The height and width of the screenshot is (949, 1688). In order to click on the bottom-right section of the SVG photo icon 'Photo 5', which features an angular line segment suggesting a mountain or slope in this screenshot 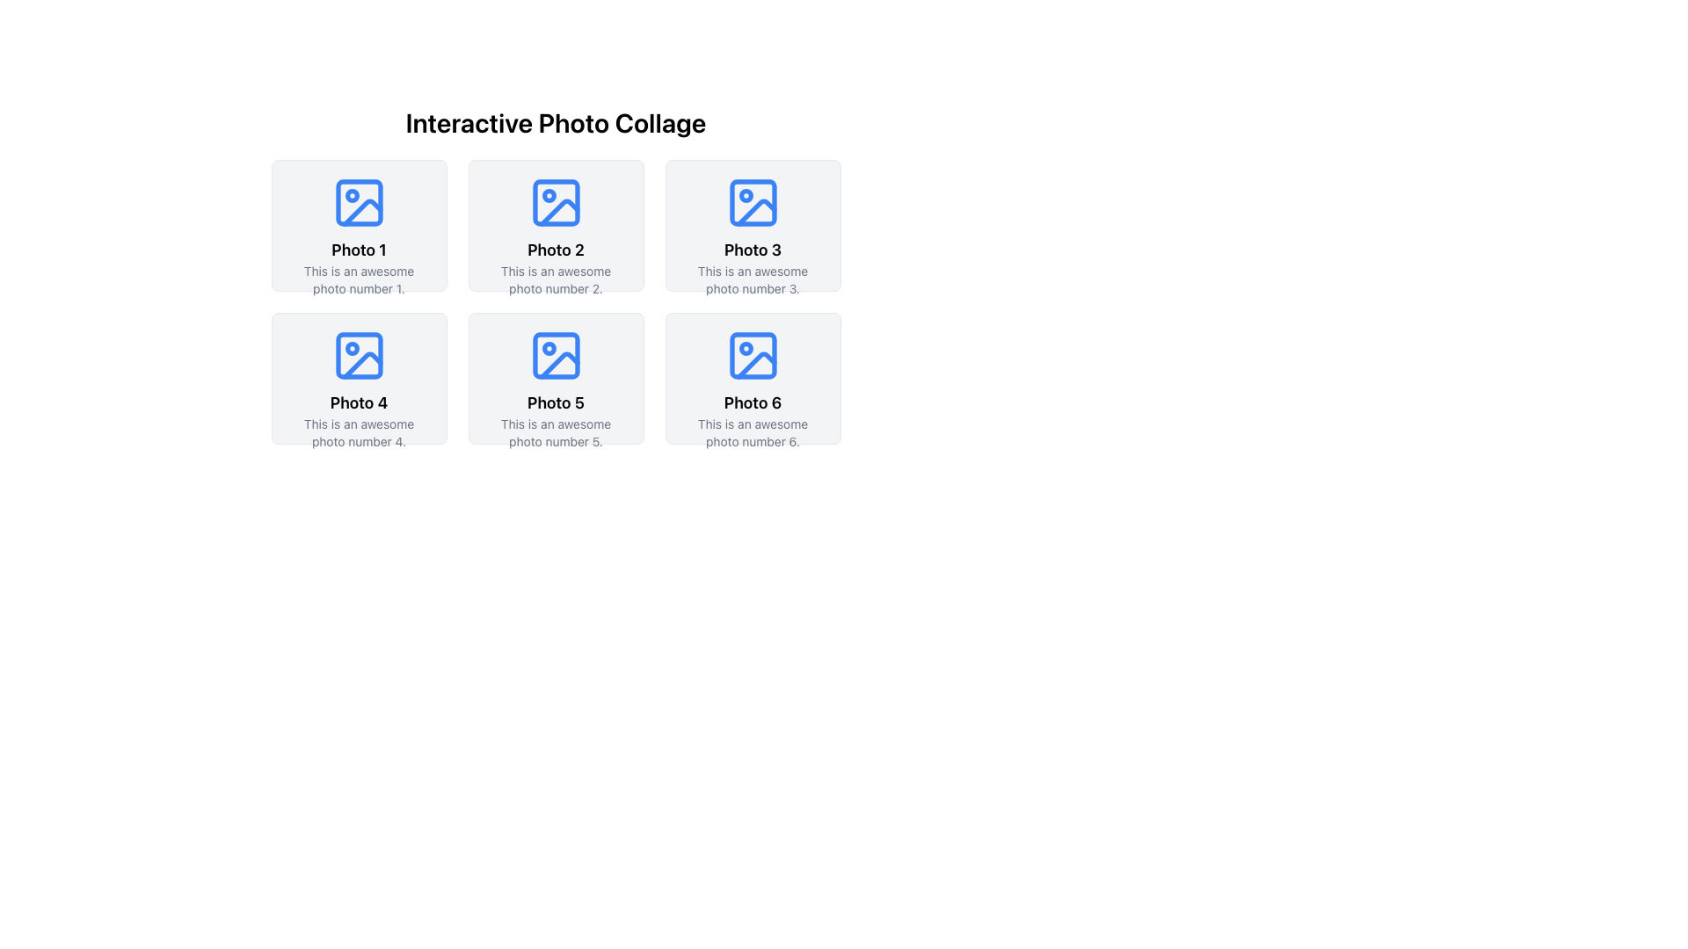, I will do `click(558, 365)`.